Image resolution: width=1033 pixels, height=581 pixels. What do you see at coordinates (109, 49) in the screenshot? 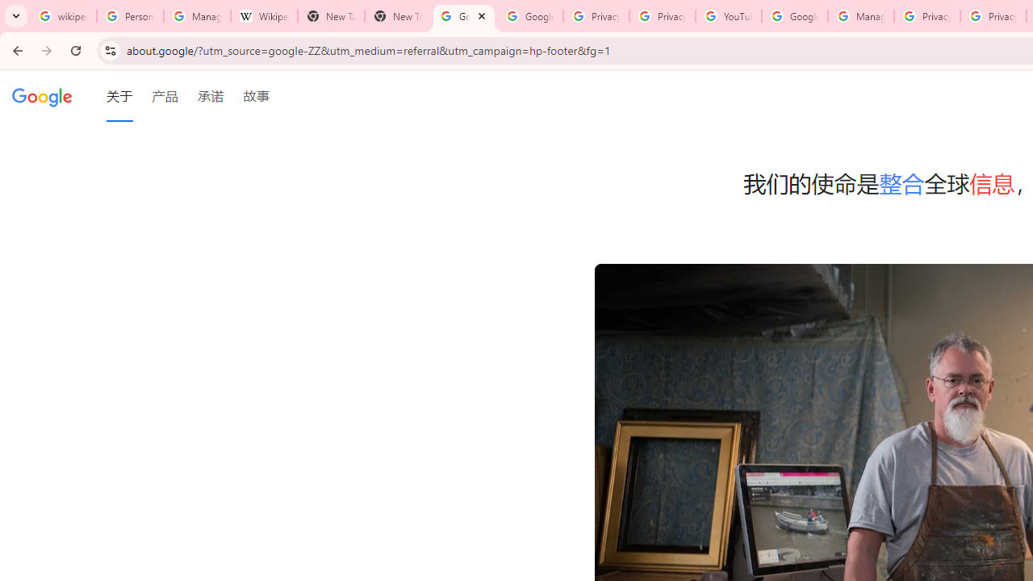
I see `'View site information'` at bounding box center [109, 49].